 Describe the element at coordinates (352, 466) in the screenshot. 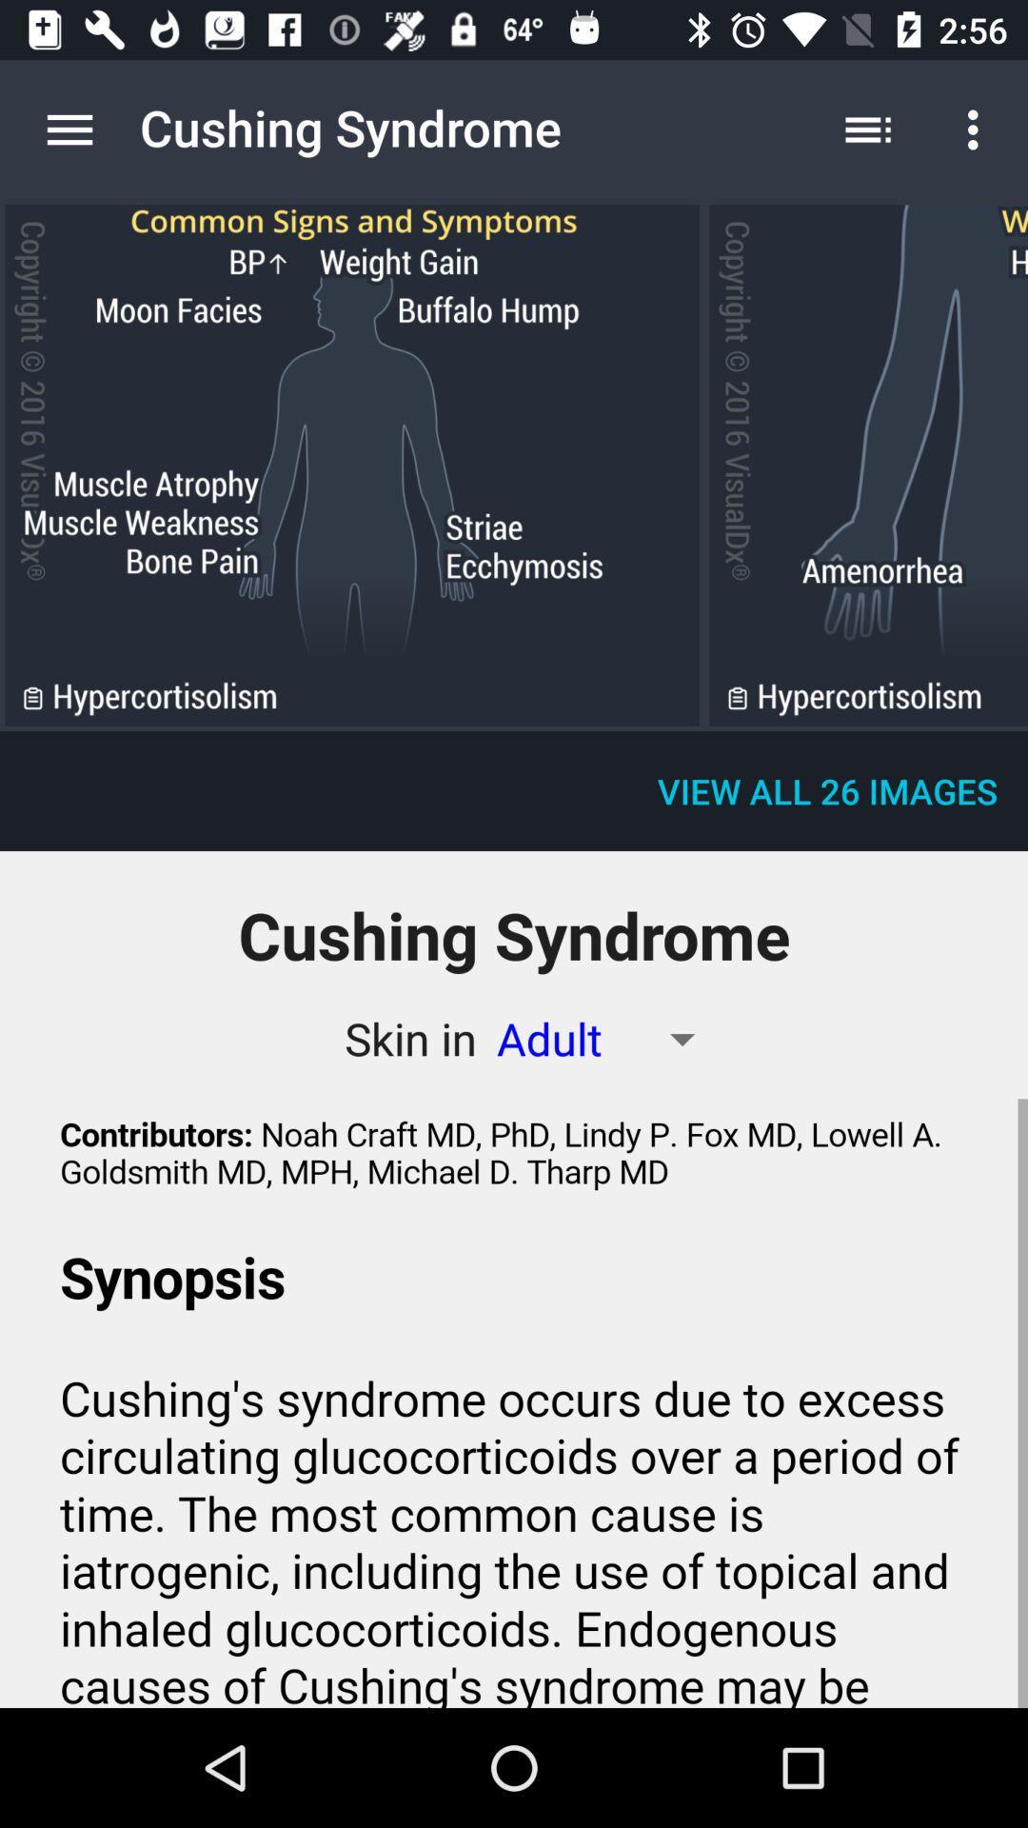

I see `screen page` at that location.